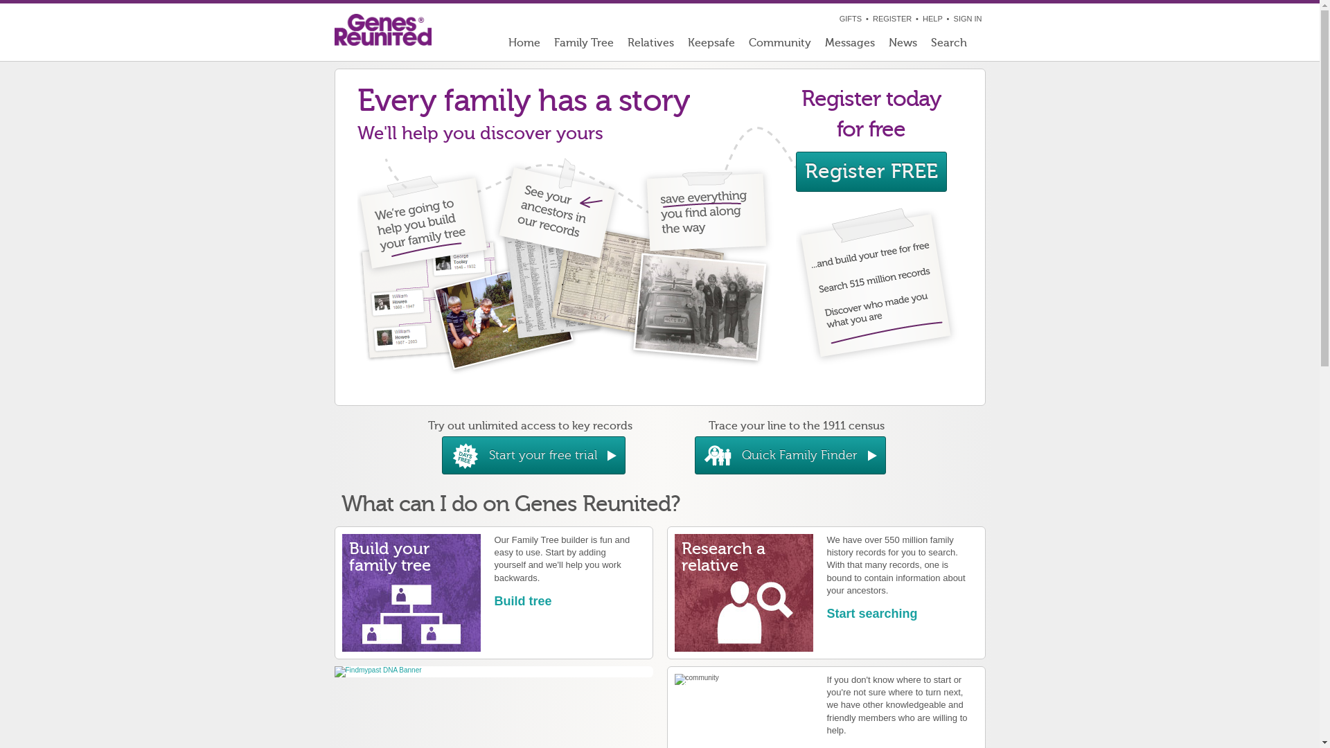 The height and width of the screenshot is (748, 1330). Describe the element at coordinates (902, 45) in the screenshot. I see `'News'` at that location.